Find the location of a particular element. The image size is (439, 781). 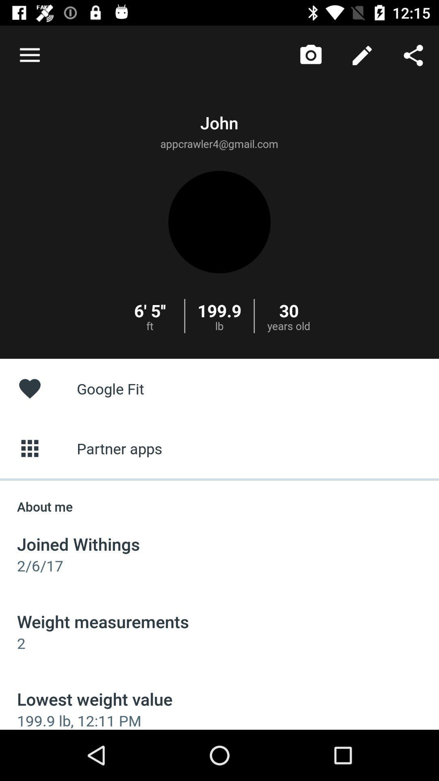

the icon above google fit is located at coordinates (362, 55).